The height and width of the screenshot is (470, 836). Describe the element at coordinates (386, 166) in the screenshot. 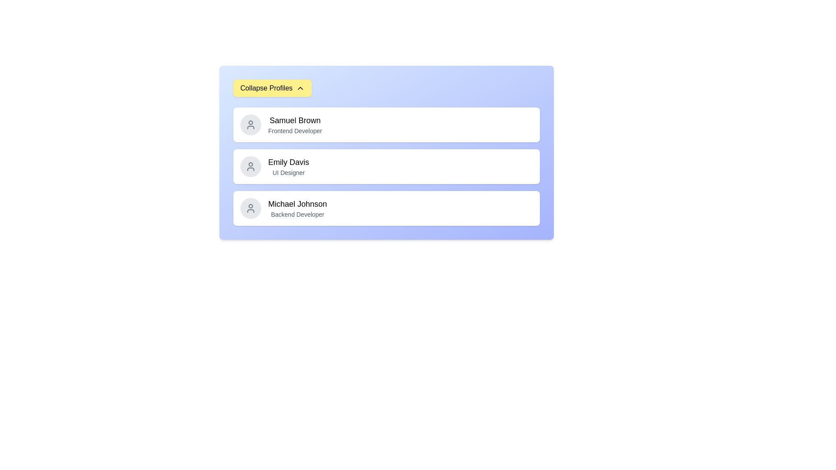

I see `the profile card for 'Emily Davis', which displays their role as 'UI Designer'` at that location.